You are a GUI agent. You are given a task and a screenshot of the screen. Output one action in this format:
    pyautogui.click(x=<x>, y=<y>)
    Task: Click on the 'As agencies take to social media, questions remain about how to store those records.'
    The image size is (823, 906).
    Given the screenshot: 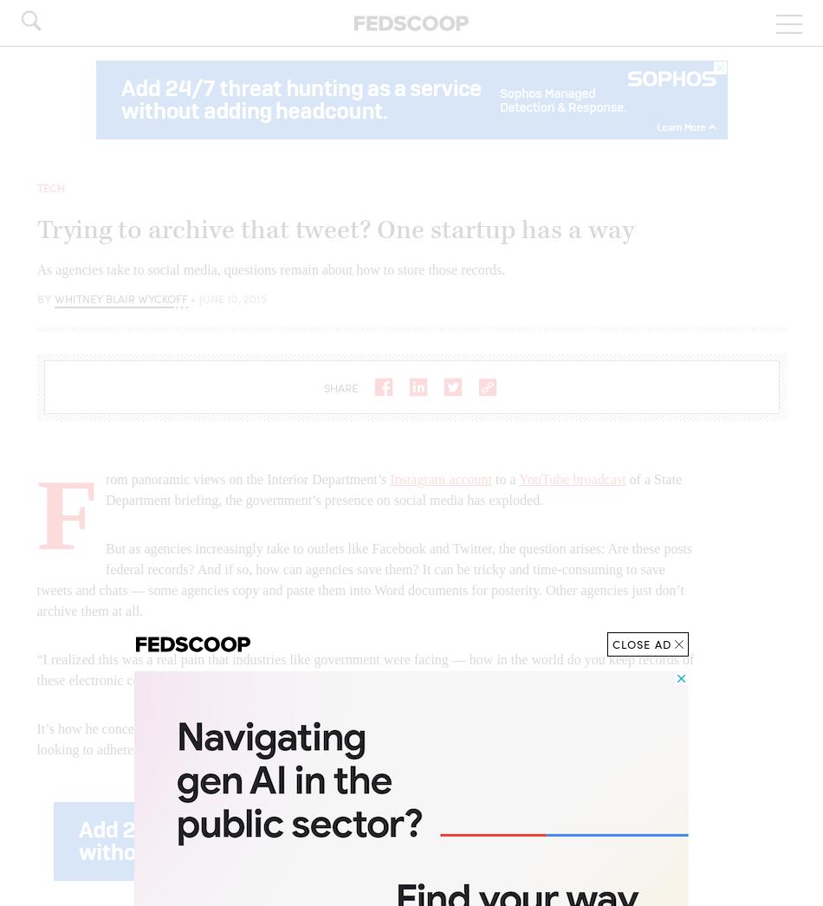 What is the action you would take?
    pyautogui.click(x=269, y=269)
    